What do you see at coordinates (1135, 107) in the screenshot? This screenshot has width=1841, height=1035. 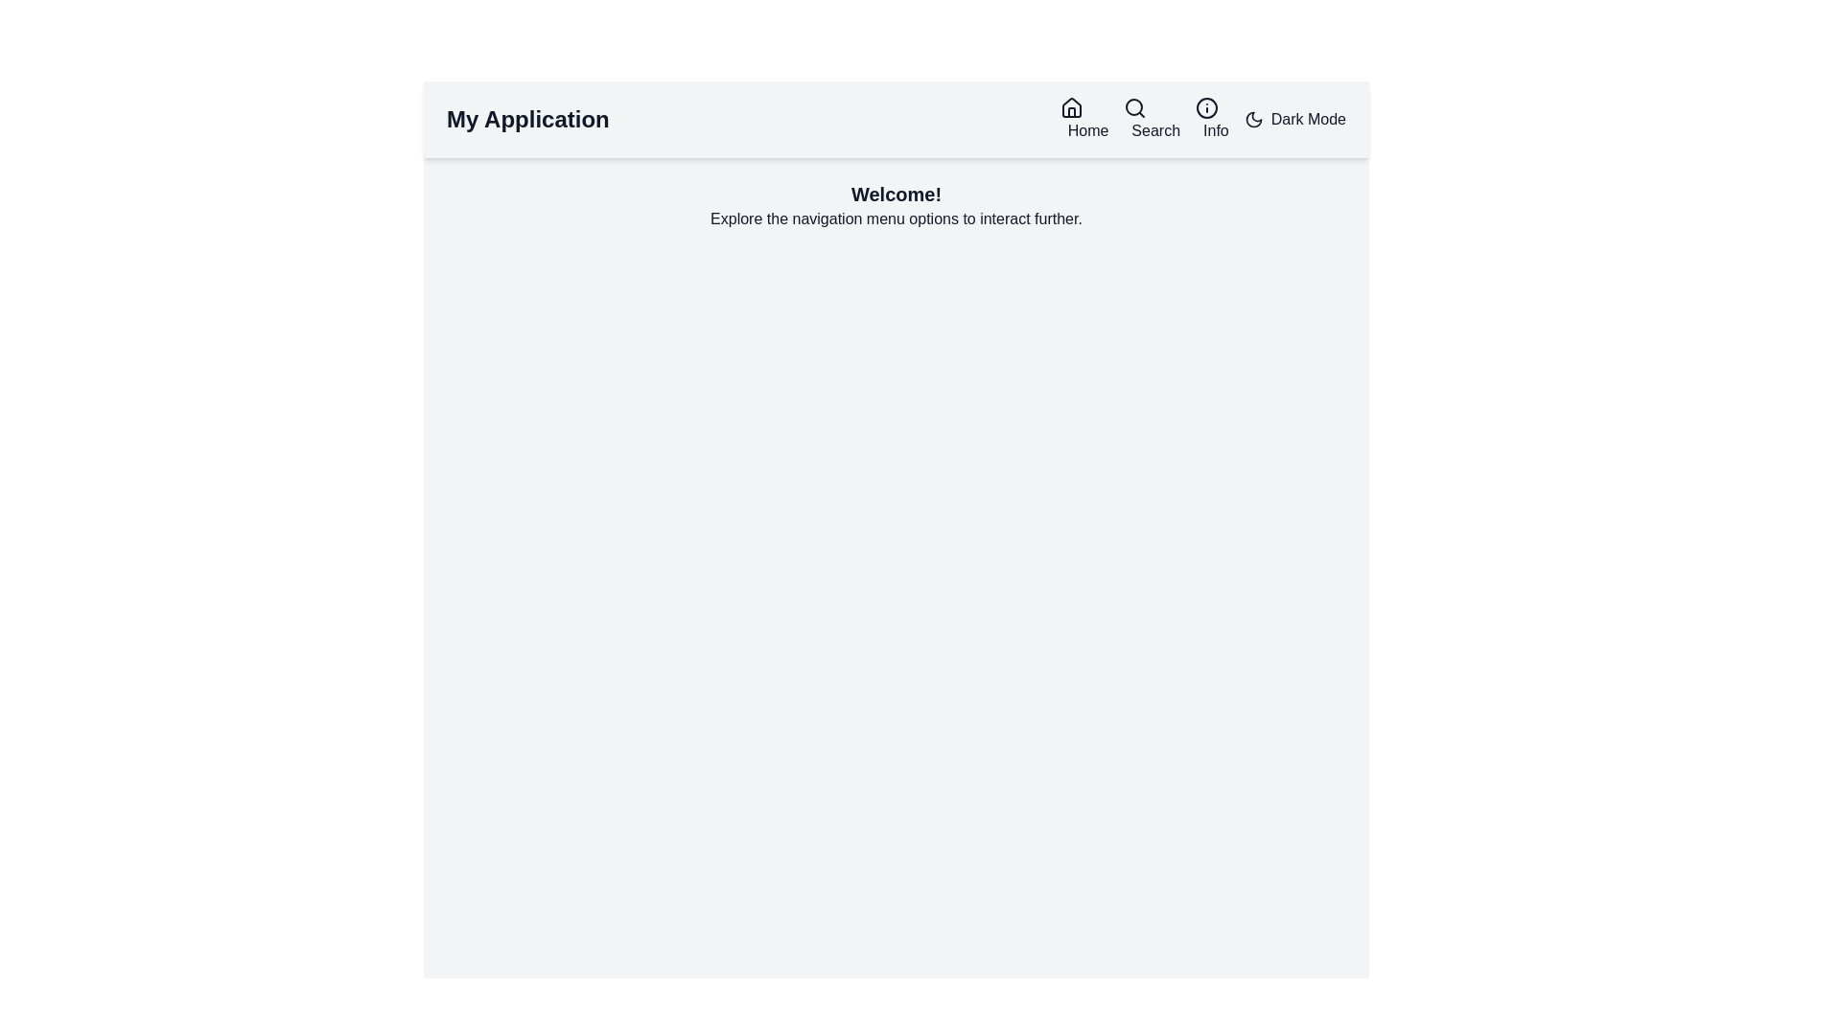 I see `the Search Icon located in the navigation bar, positioned between the 'Home' and 'Info' icons, to initiate a search` at bounding box center [1135, 107].